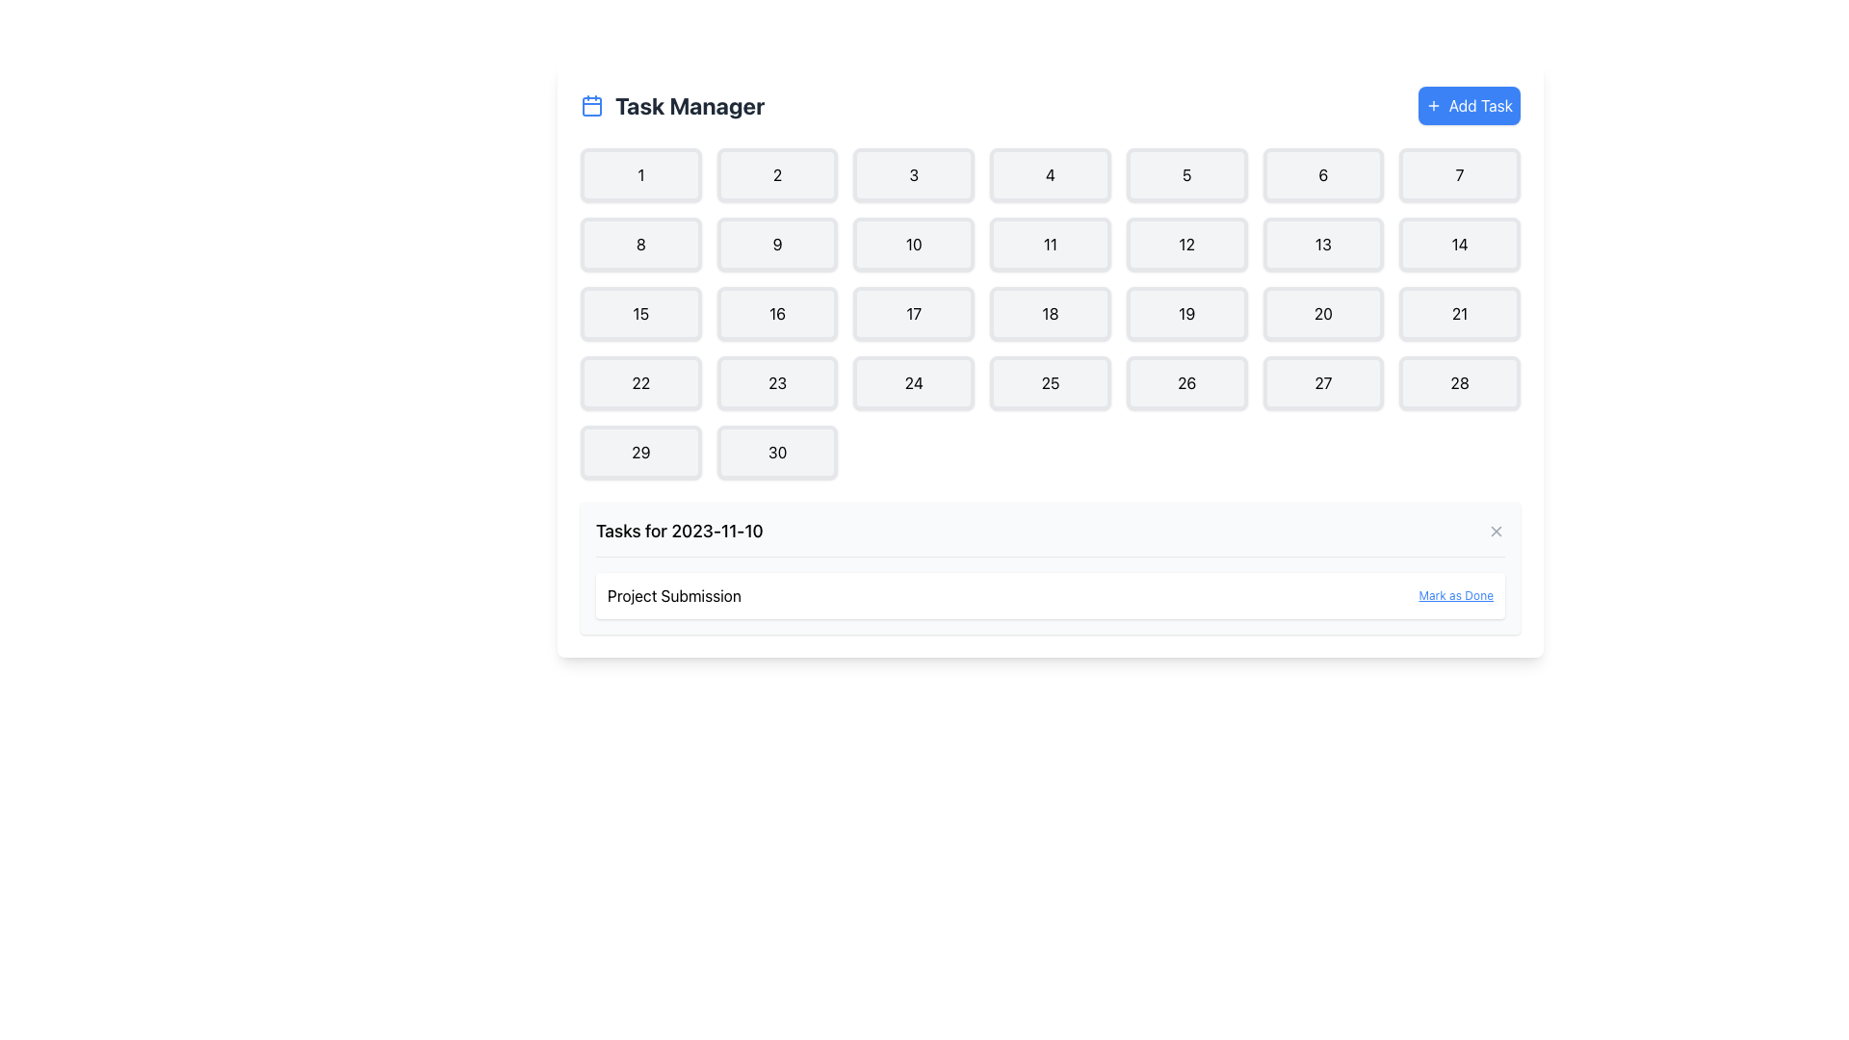 The width and height of the screenshot is (1849, 1040). I want to click on the selectable date button in the calendar interface, which is the sixth item in the second row of a grid layout, to receive additional visual feedback, so click(1322, 244).